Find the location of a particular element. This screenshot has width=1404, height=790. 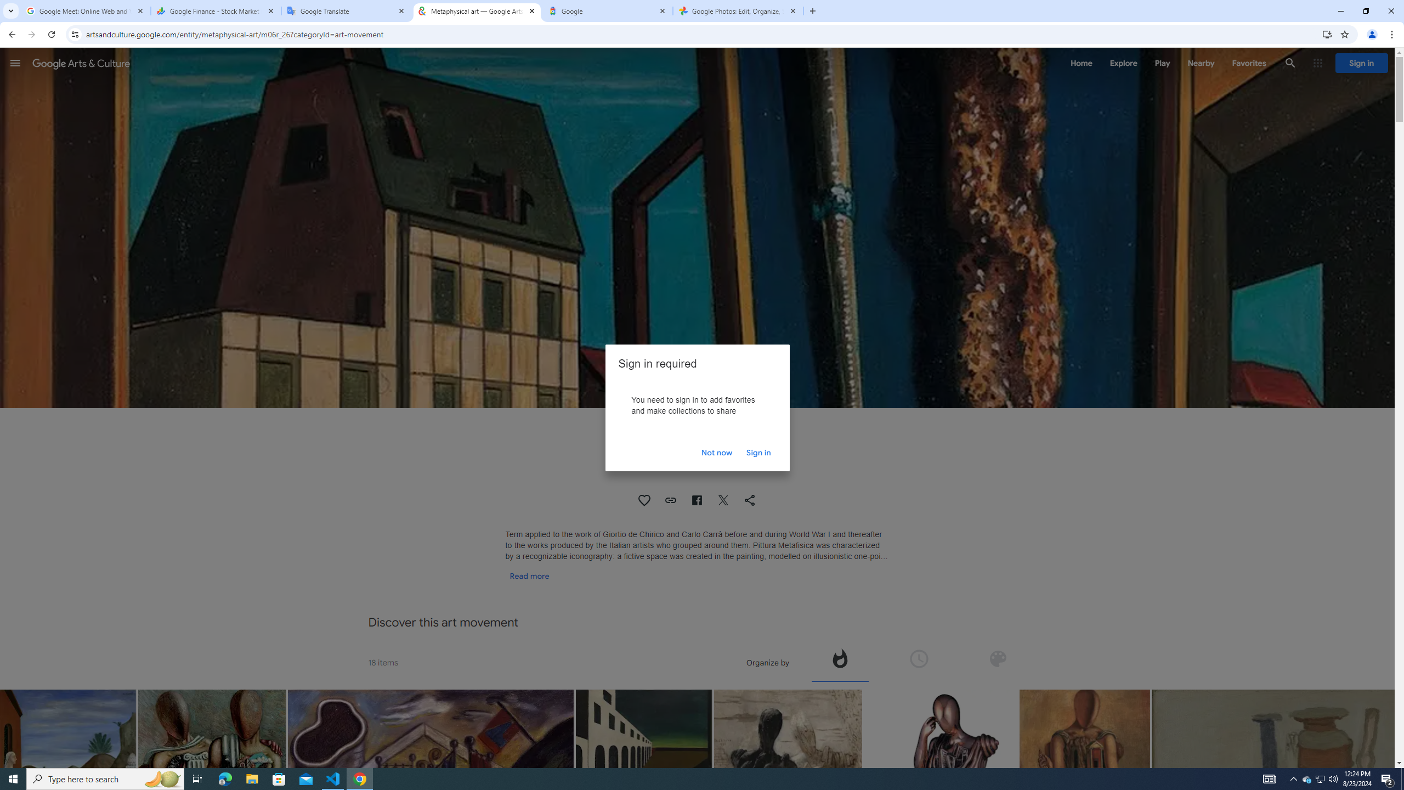

'Install Google Arts & Culture' is located at coordinates (1327, 33).